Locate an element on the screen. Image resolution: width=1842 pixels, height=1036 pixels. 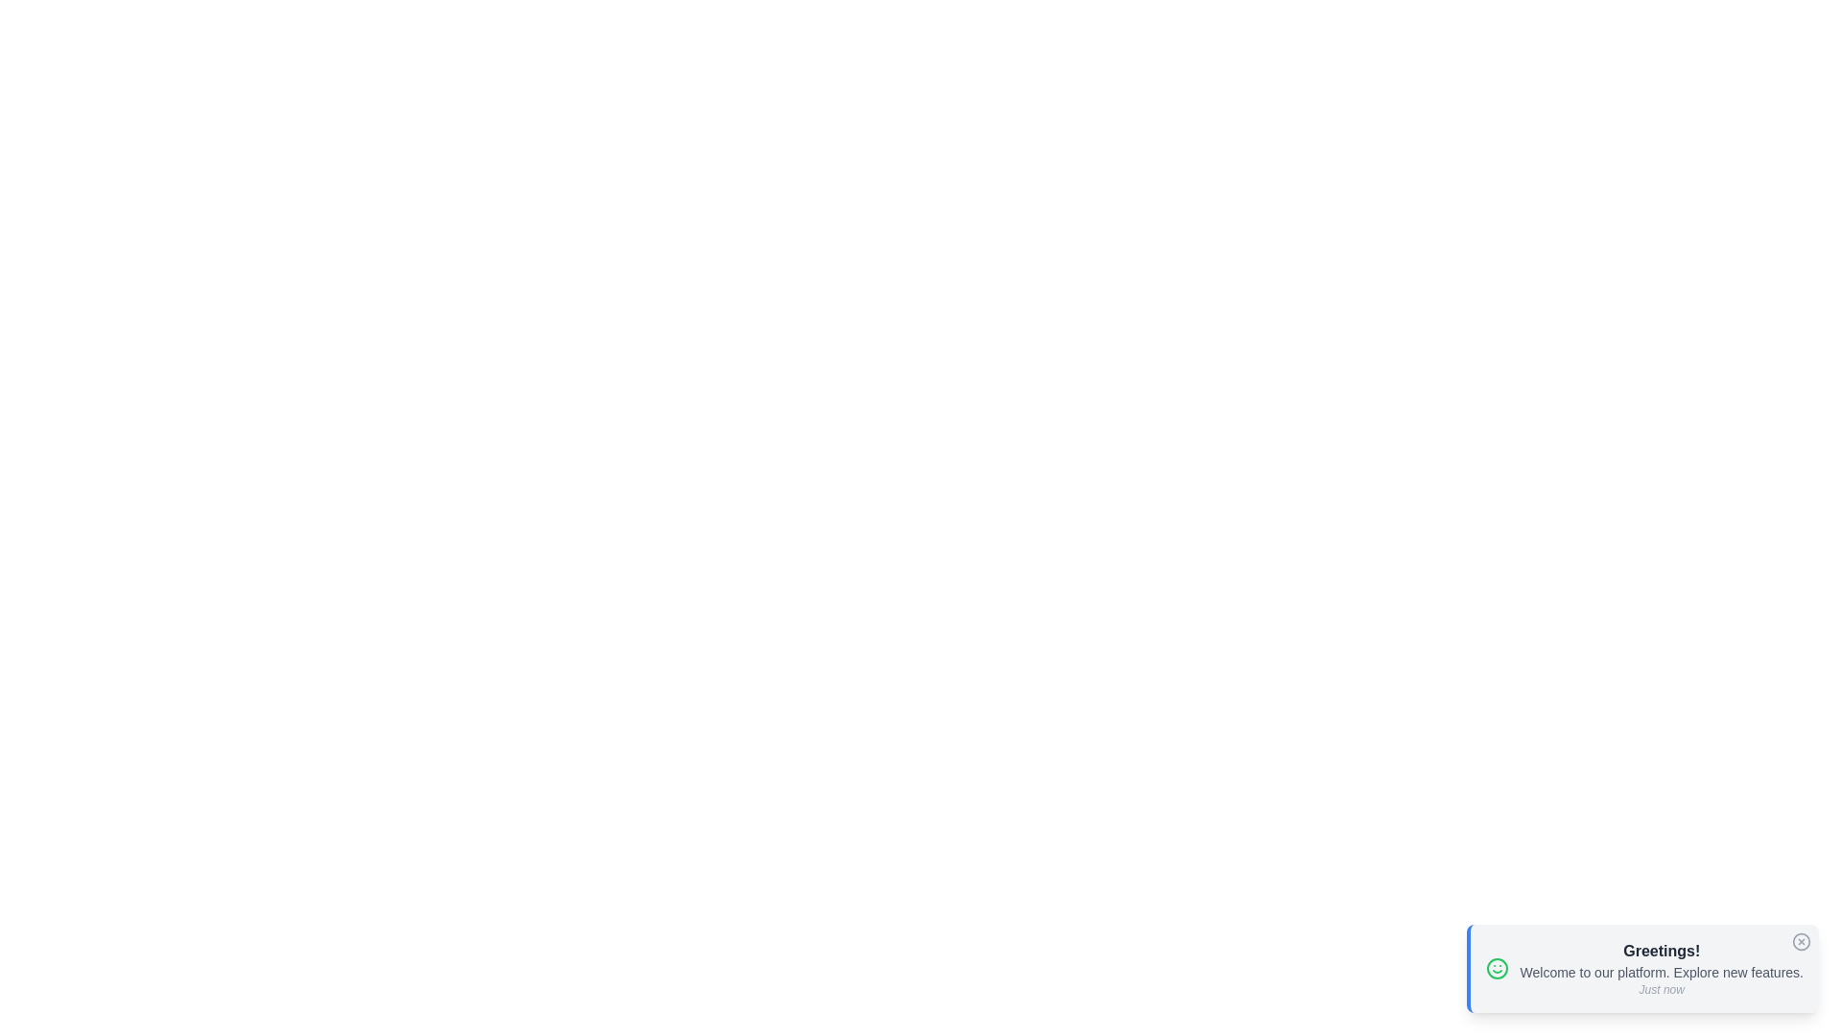
the message and details displayed in the snackbar by focusing on the visible text and icon is located at coordinates (1641, 969).